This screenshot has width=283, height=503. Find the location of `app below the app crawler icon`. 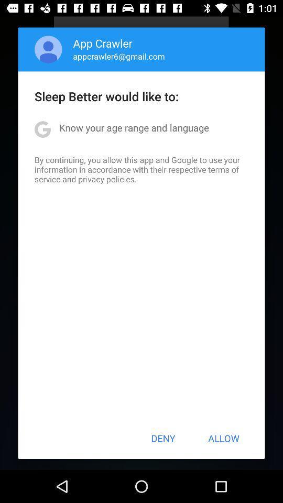

app below the app crawler icon is located at coordinates (118, 56).